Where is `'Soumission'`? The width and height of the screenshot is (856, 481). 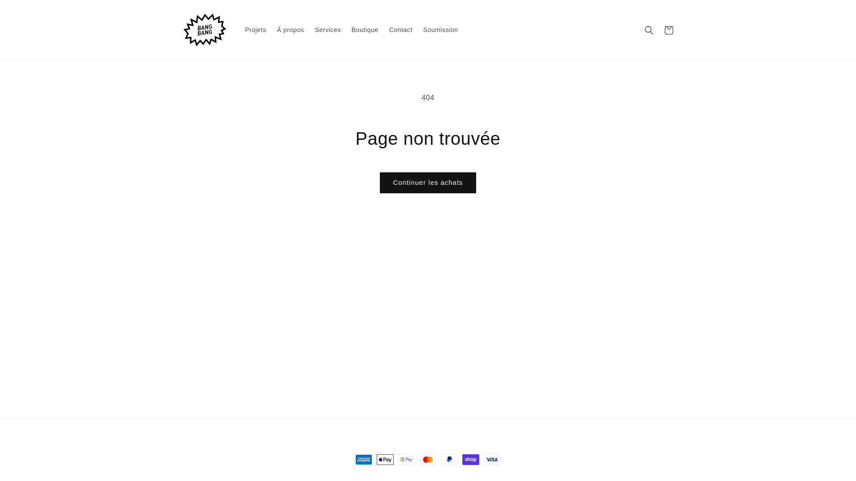 'Soumission' is located at coordinates (417, 29).